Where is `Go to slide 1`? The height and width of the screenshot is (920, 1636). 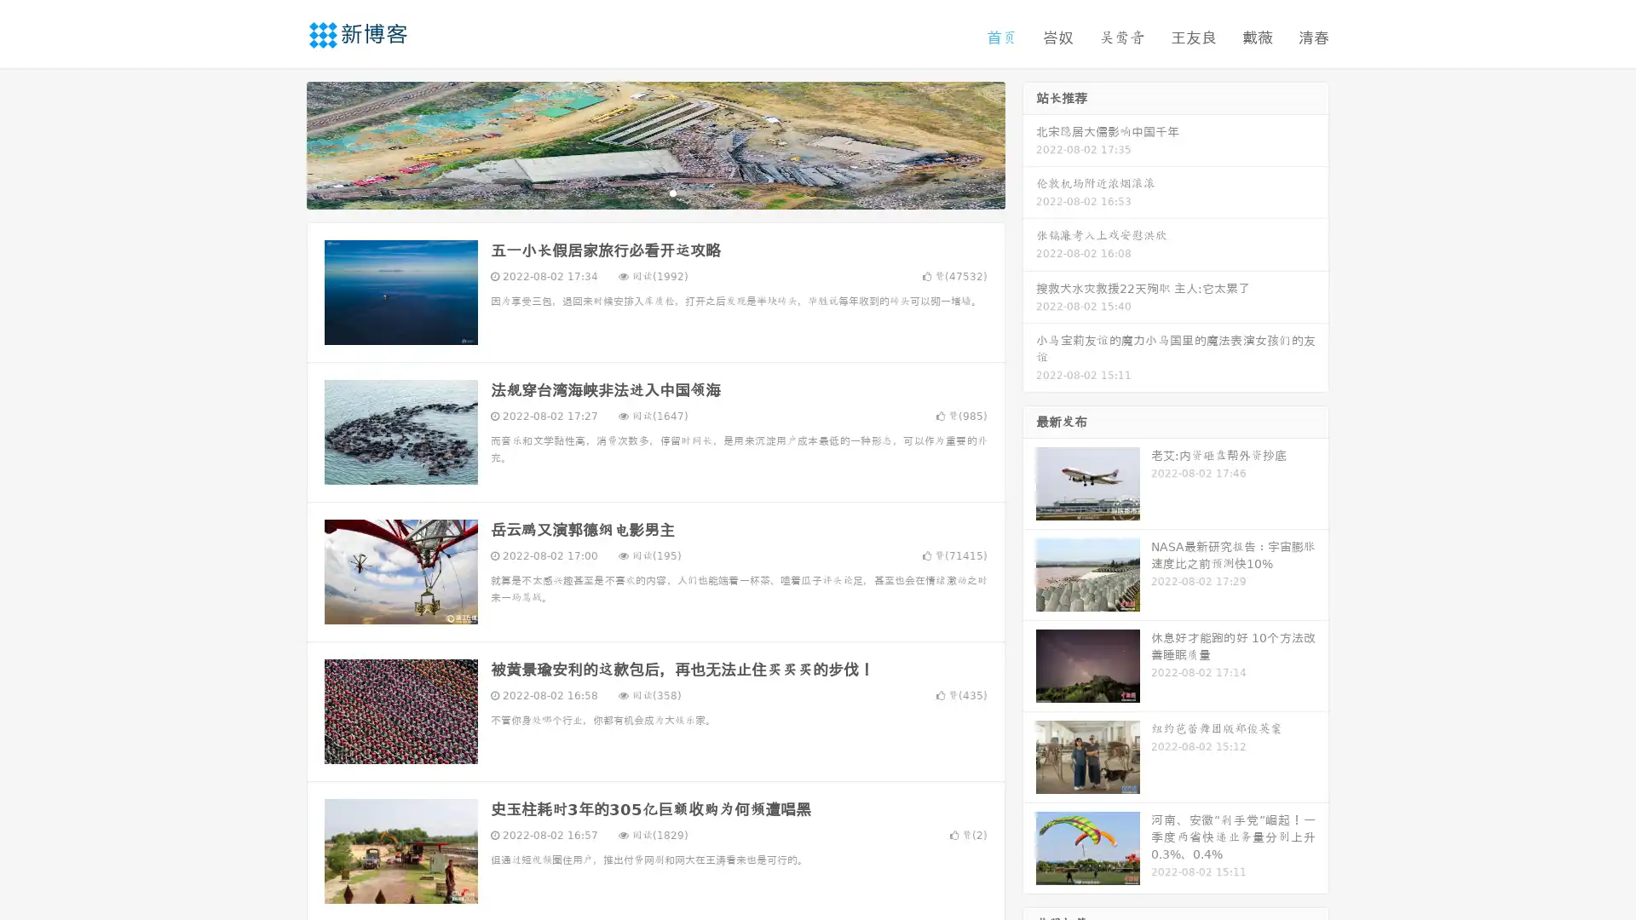 Go to slide 1 is located at coordinates (637, 192).